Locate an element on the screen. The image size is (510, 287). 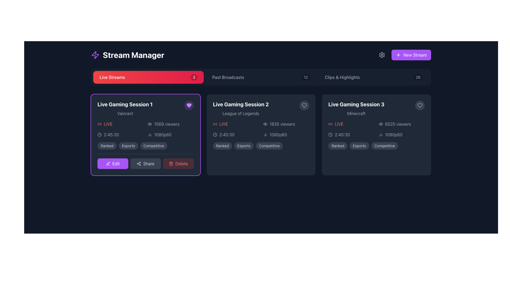
displayed time '2:45:30' from the text display styled in gray font against a dark background, located within the 'Live Gaming Session 1' card is located at coordinates (111, 134).